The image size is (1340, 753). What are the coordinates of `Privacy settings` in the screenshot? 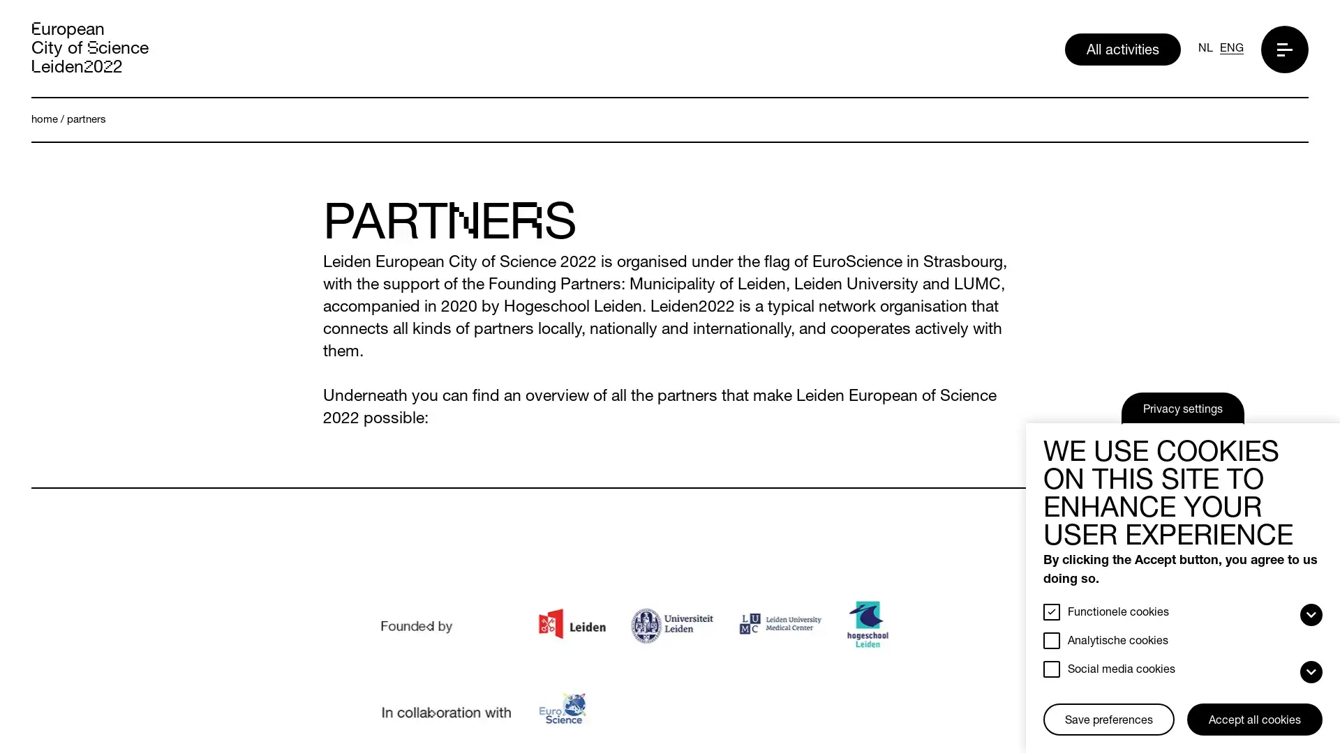 It's located at (1182, 408).